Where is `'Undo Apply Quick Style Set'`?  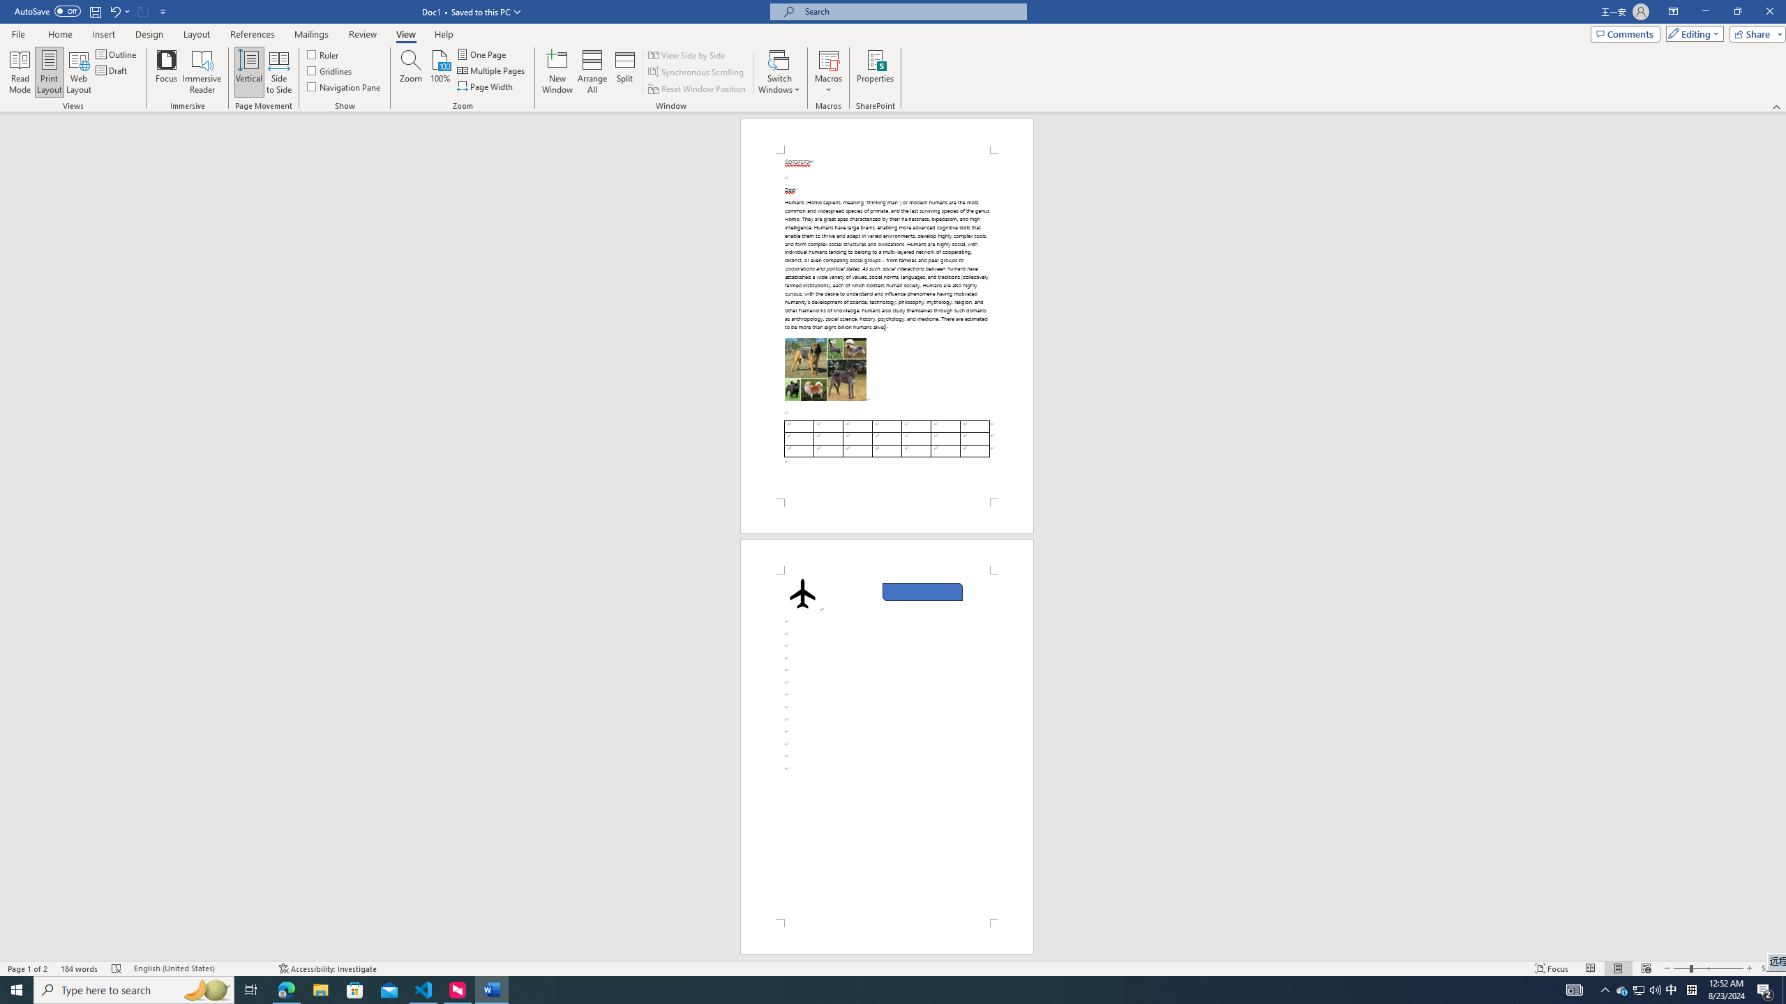
'Undo Apply Quick Style Set' is located at coordinates (114, 10).